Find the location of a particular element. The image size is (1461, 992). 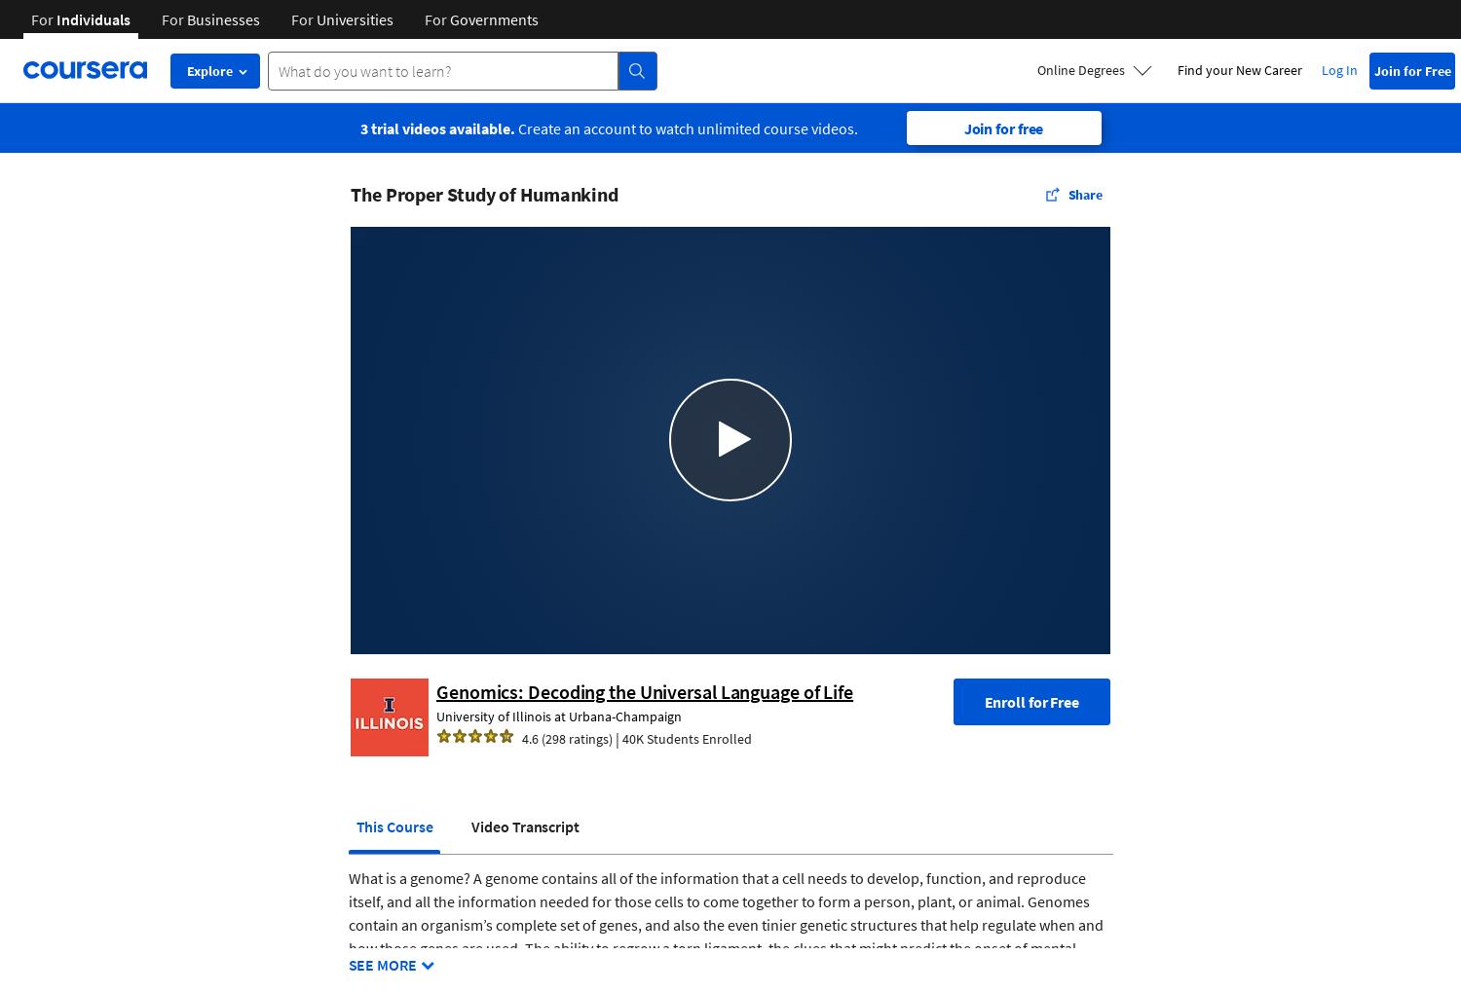

'3 trial videos available.' is located at coordinates (435, 127).